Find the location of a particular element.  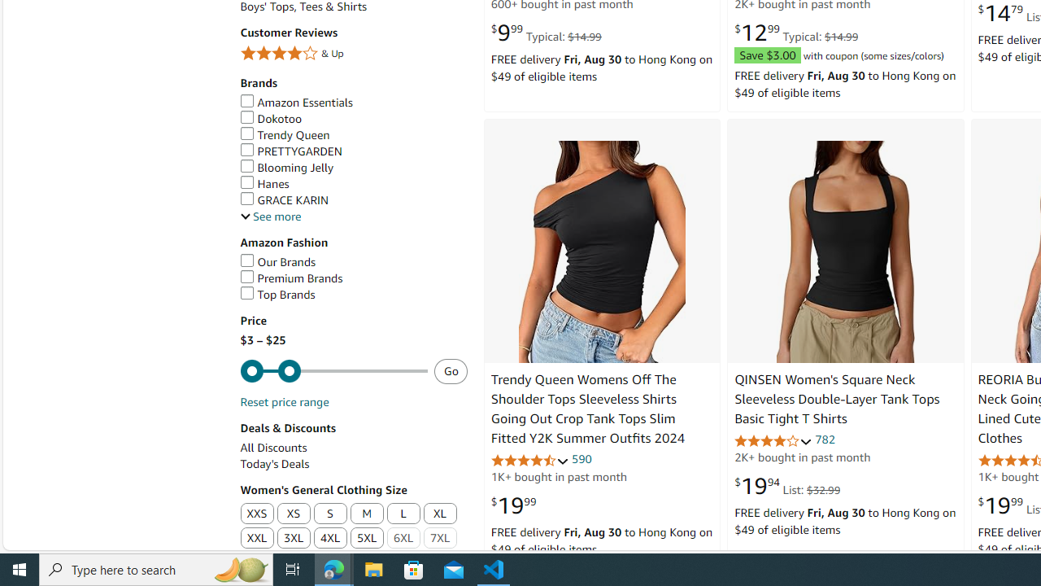

'4 Stars & Up' is located at coordinates (352, 53).